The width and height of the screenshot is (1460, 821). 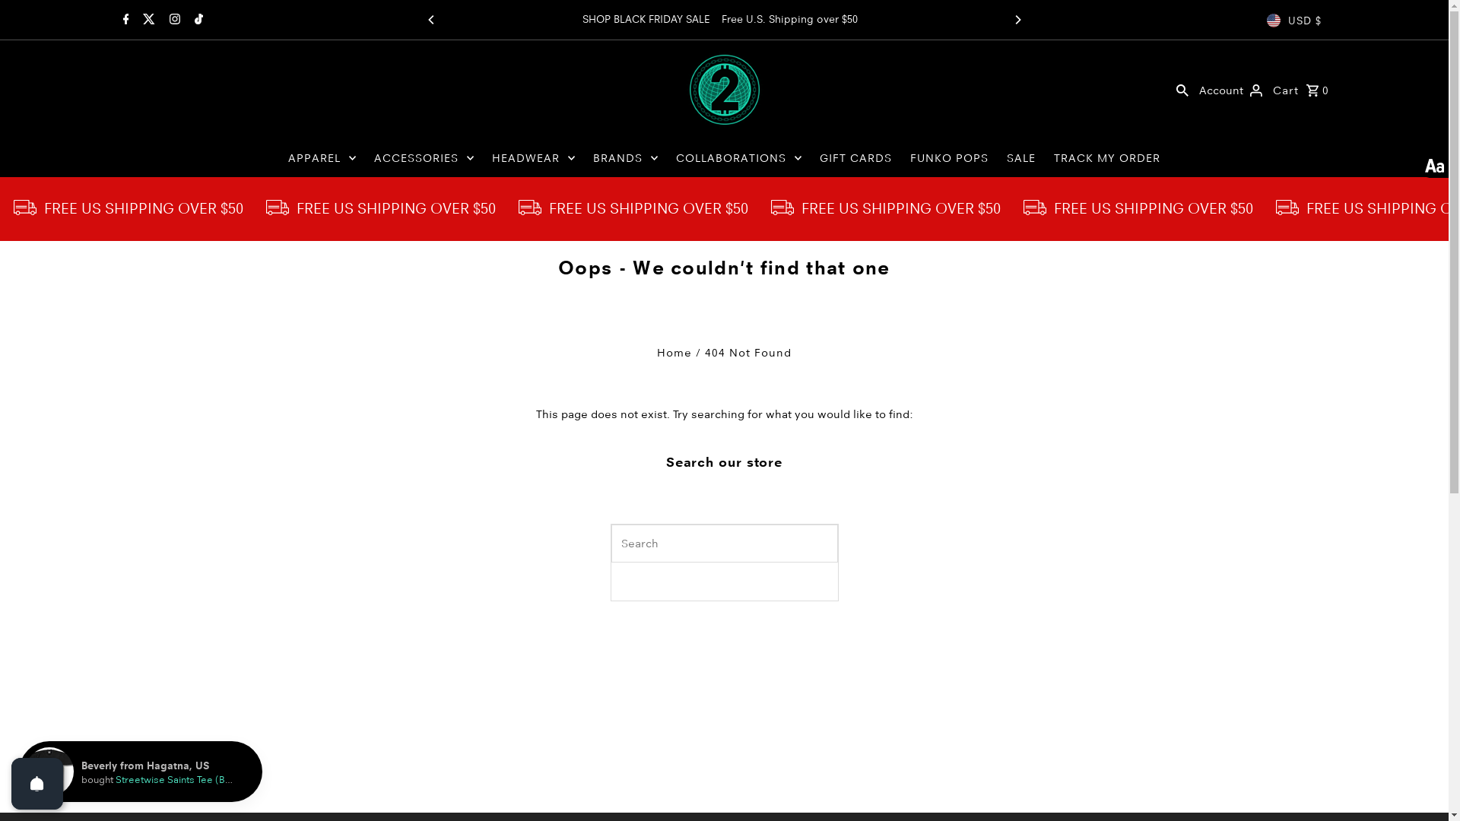 I want to click on 'BRANDS', so click(x=625, y=158).